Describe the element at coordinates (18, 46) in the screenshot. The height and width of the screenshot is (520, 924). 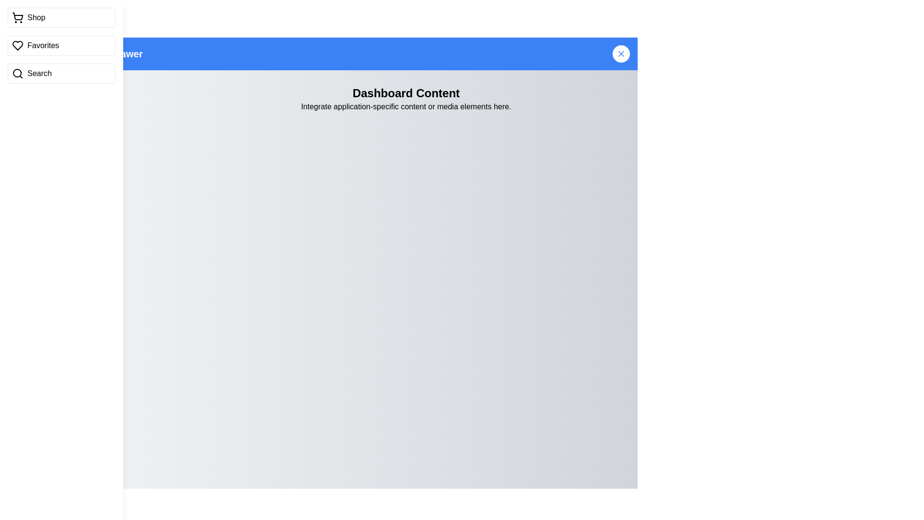
I see `the Favorites icon in the sidebar menu` at that location.